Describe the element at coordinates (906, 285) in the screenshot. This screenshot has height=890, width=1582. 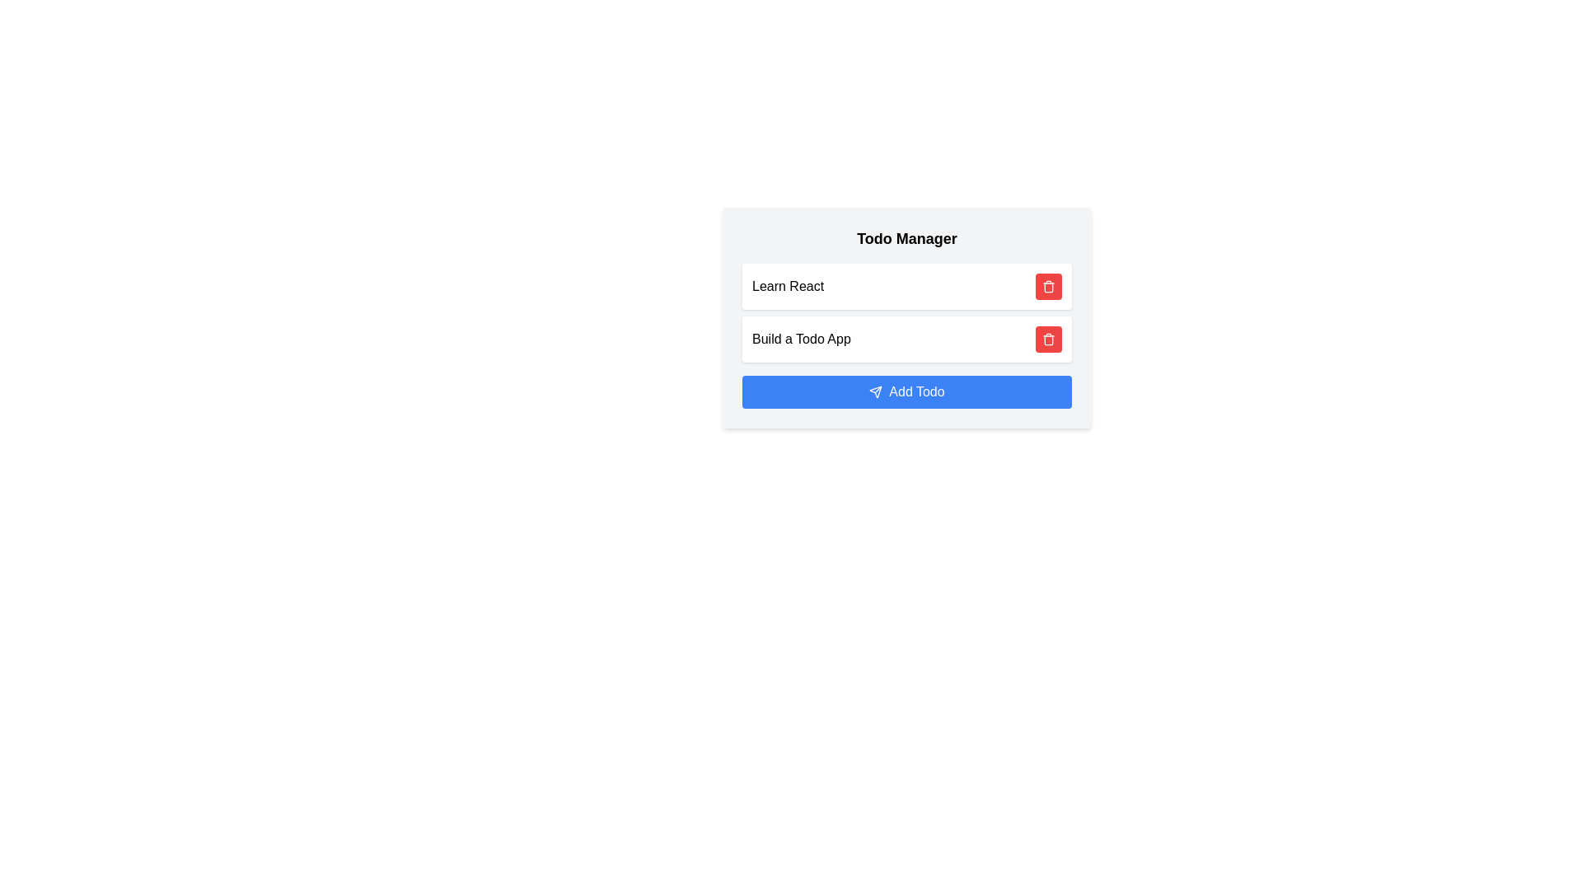
I see `the individual task item displaying the title 'Learn React'` at that location.